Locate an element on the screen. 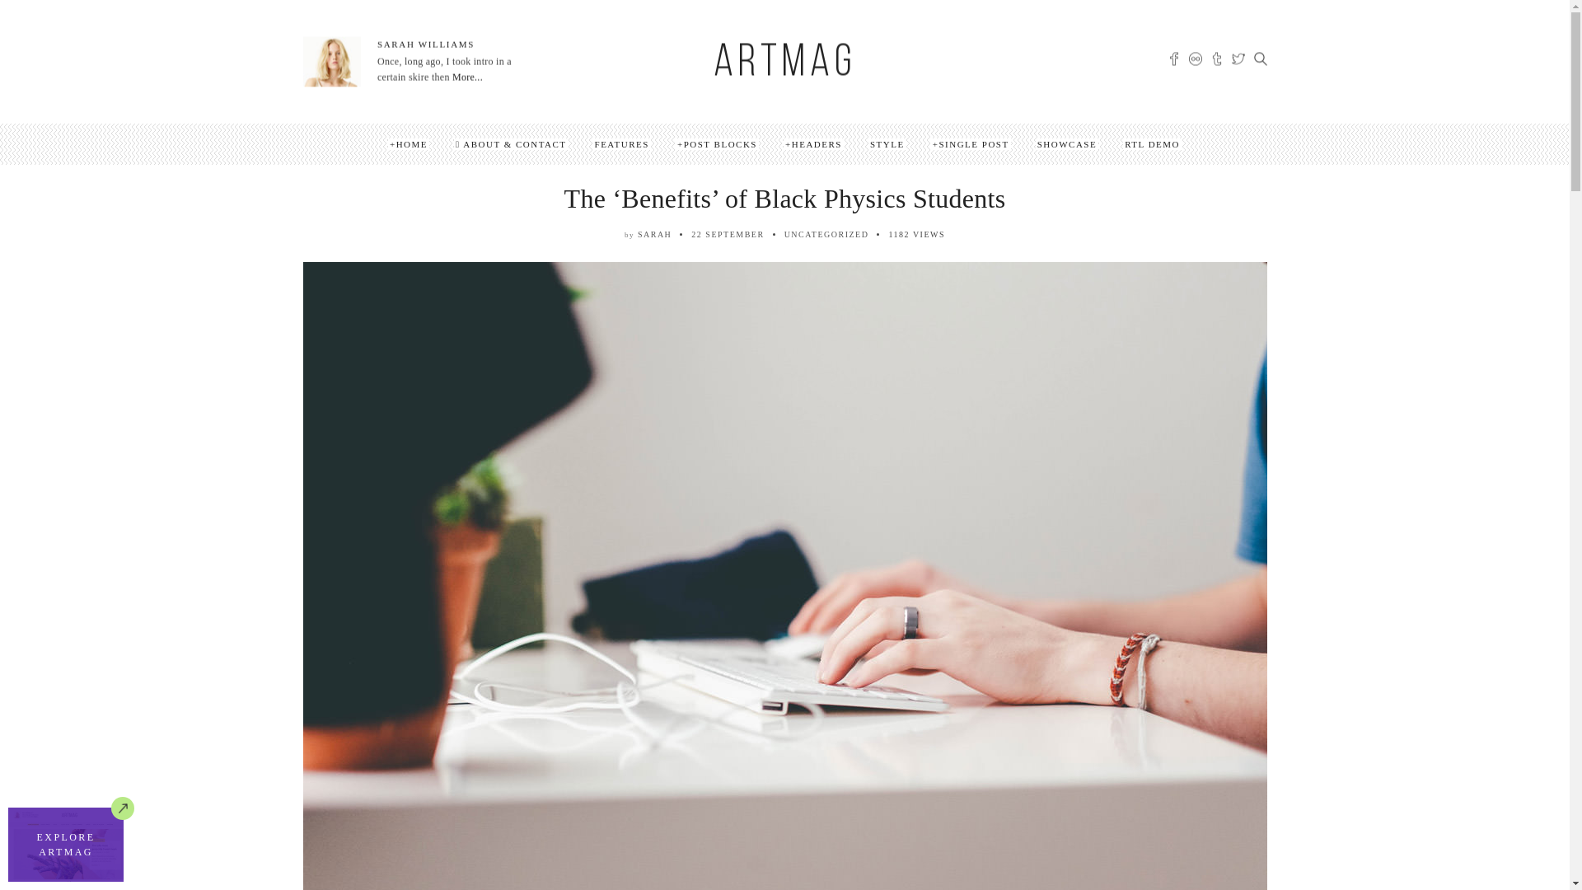 This screenshot has width=1582, height=890. 'SARAH WILLIAMS' is located at coordinates (426, 44).